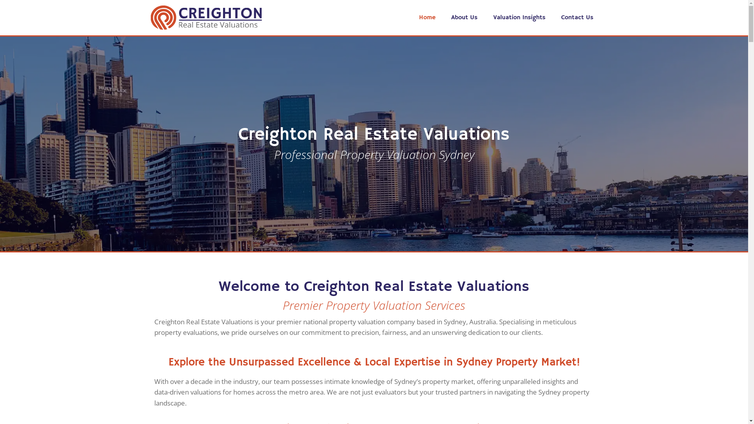  Describe the element at coordinates (464, 18) in the screenshot. I see `'About Us'` at that location.